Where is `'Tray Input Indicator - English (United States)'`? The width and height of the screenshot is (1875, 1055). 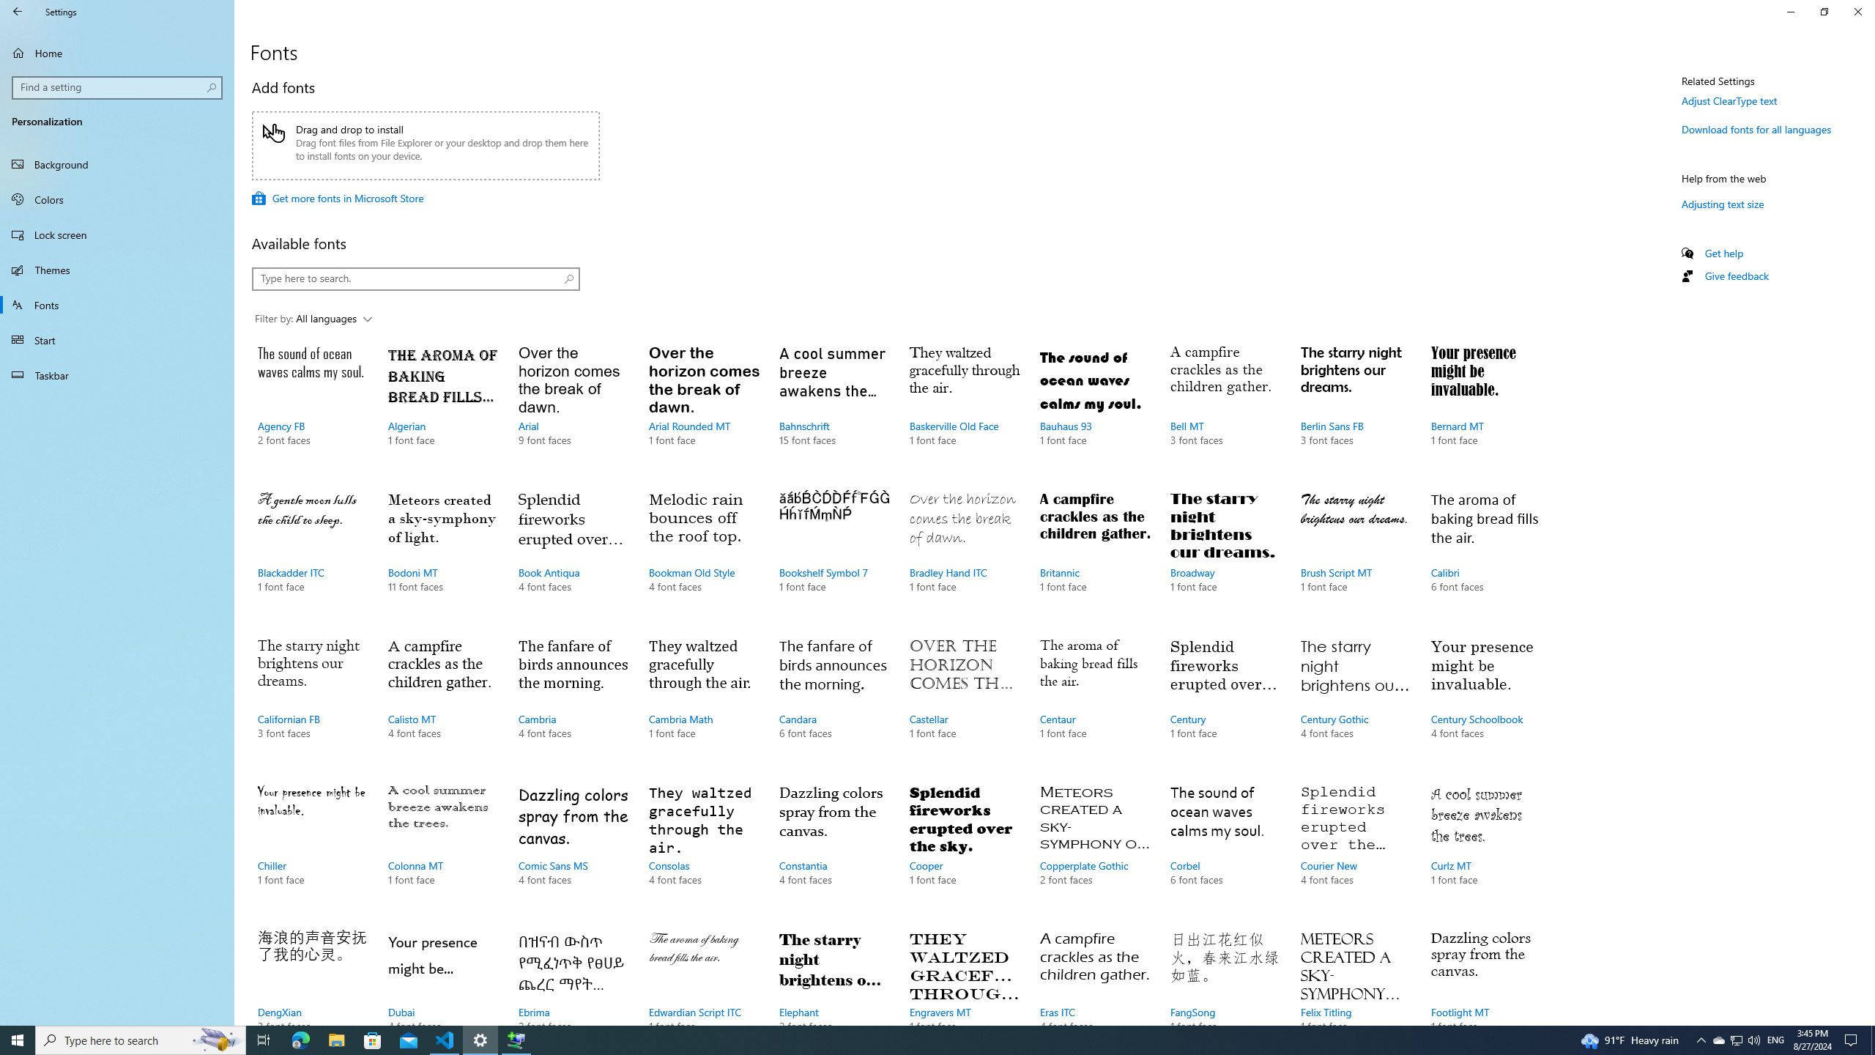 'Tray Input Indicator - English (United States)' is located at coordinates (1775, 1039).